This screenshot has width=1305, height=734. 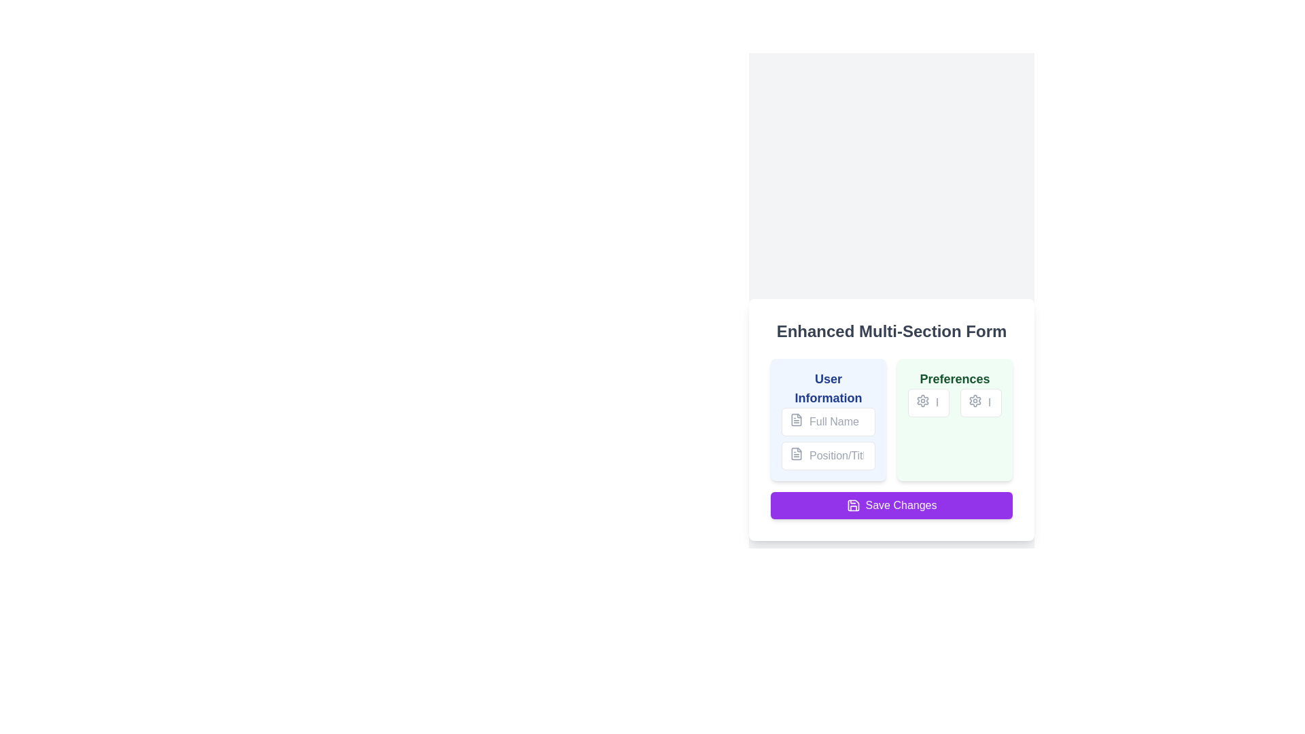 I want to click on text of the bold header labeled 'Preferences' which is styled in large green font on a light green background, located in the right section of a two-column layout, so click(x=954, y=379).